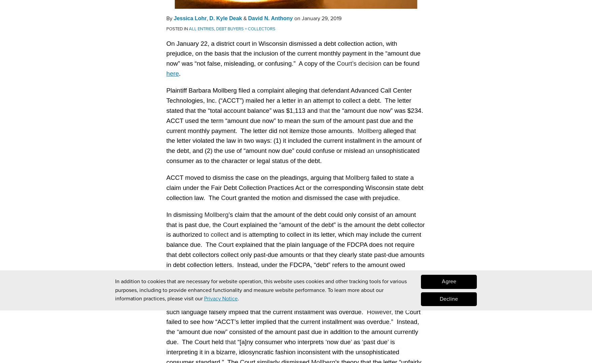  Describe the element at coordinates (356, 341) in the screenshot. I see `'as'` at that location.